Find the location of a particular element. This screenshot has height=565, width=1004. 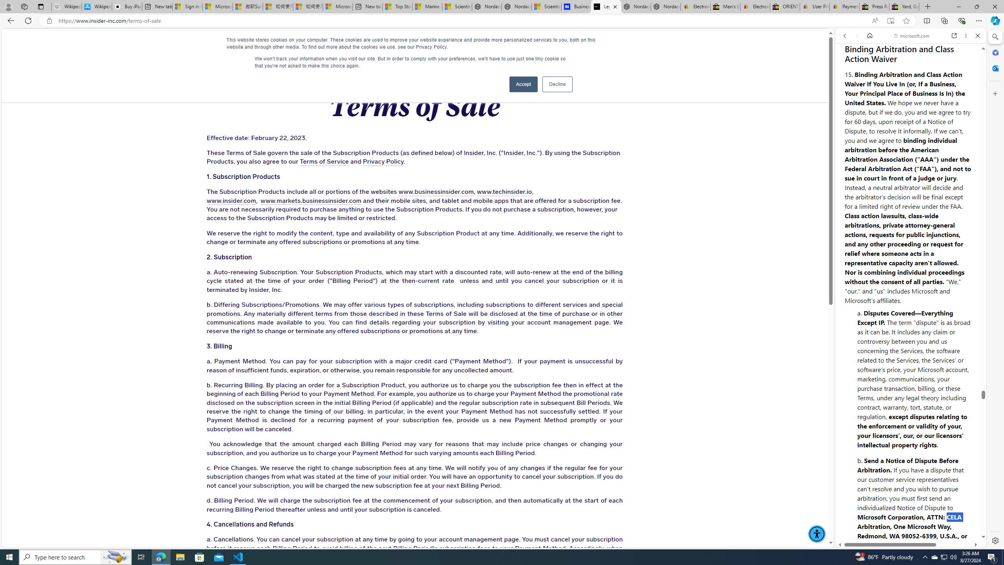

'Privacy Policy' is located at coordinates (382, 161).